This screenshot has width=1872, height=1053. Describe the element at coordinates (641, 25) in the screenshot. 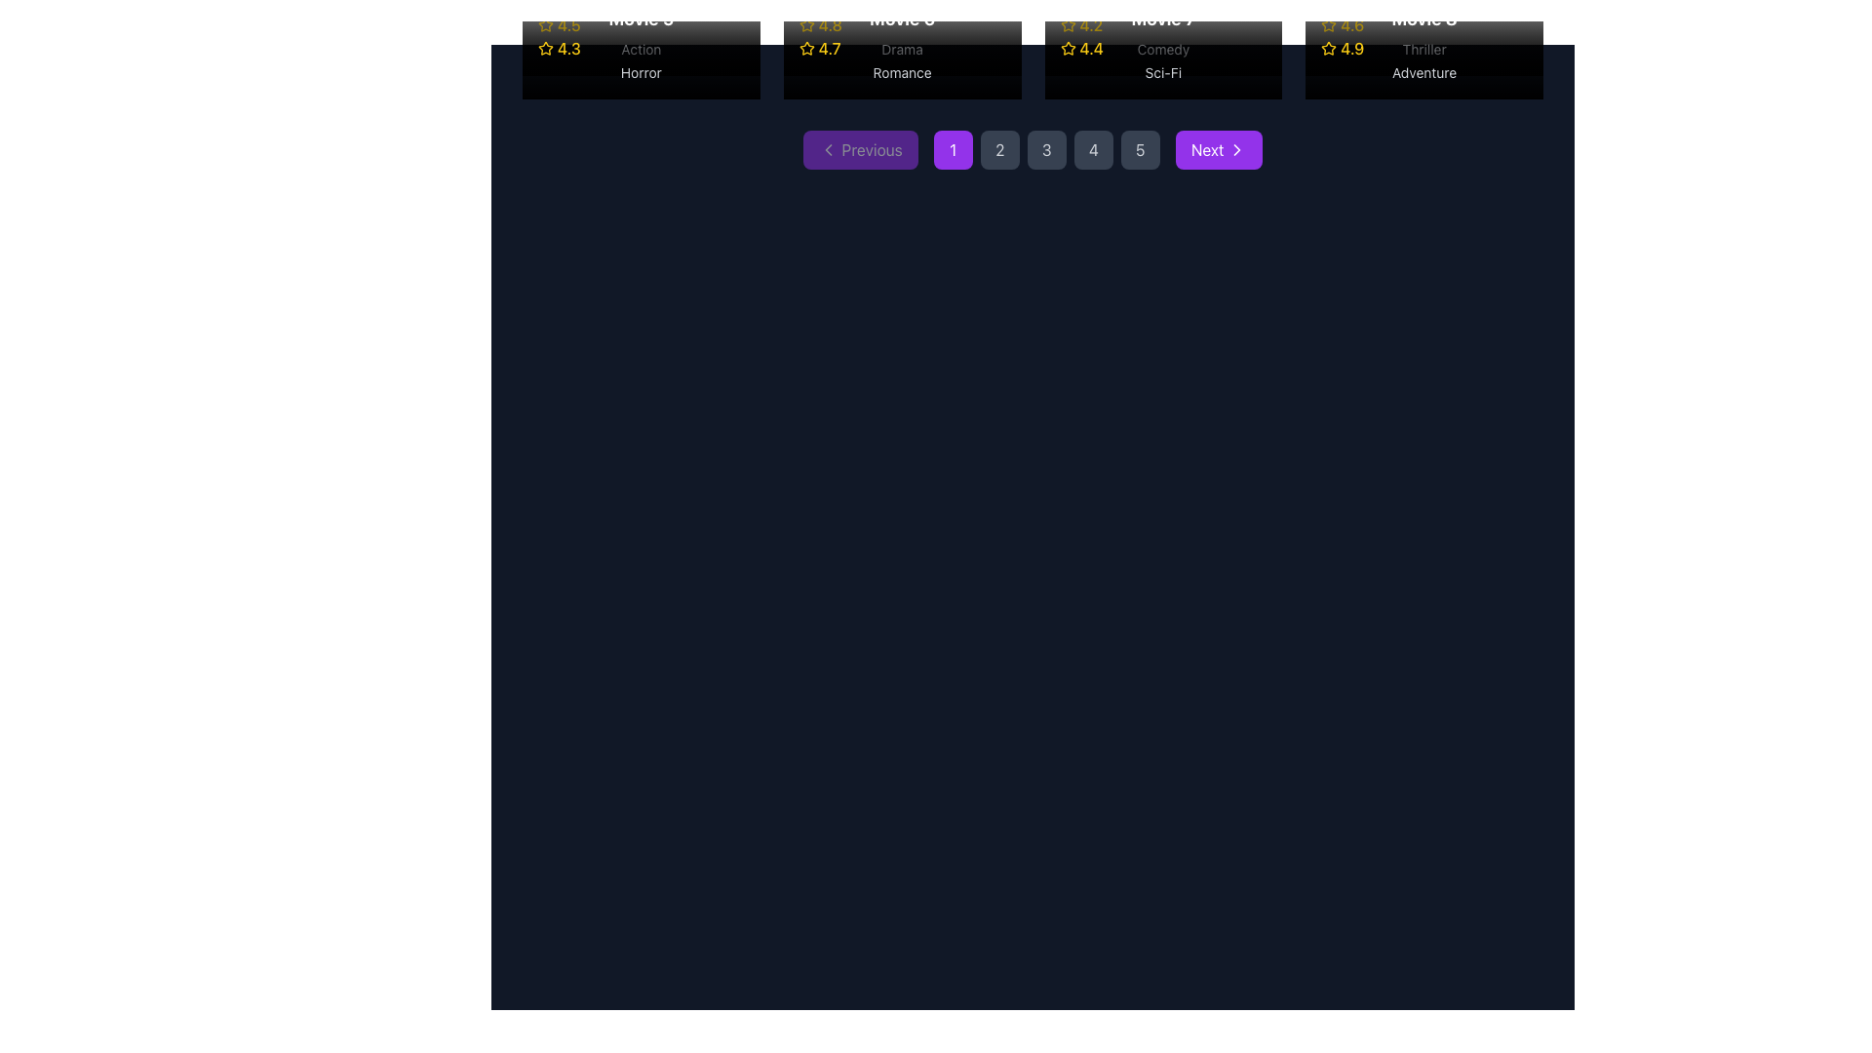

I see `the rating value '4.5' displayed in yellow text next to the yellow star icon, located at the bottom section of the movie details card` at that location.